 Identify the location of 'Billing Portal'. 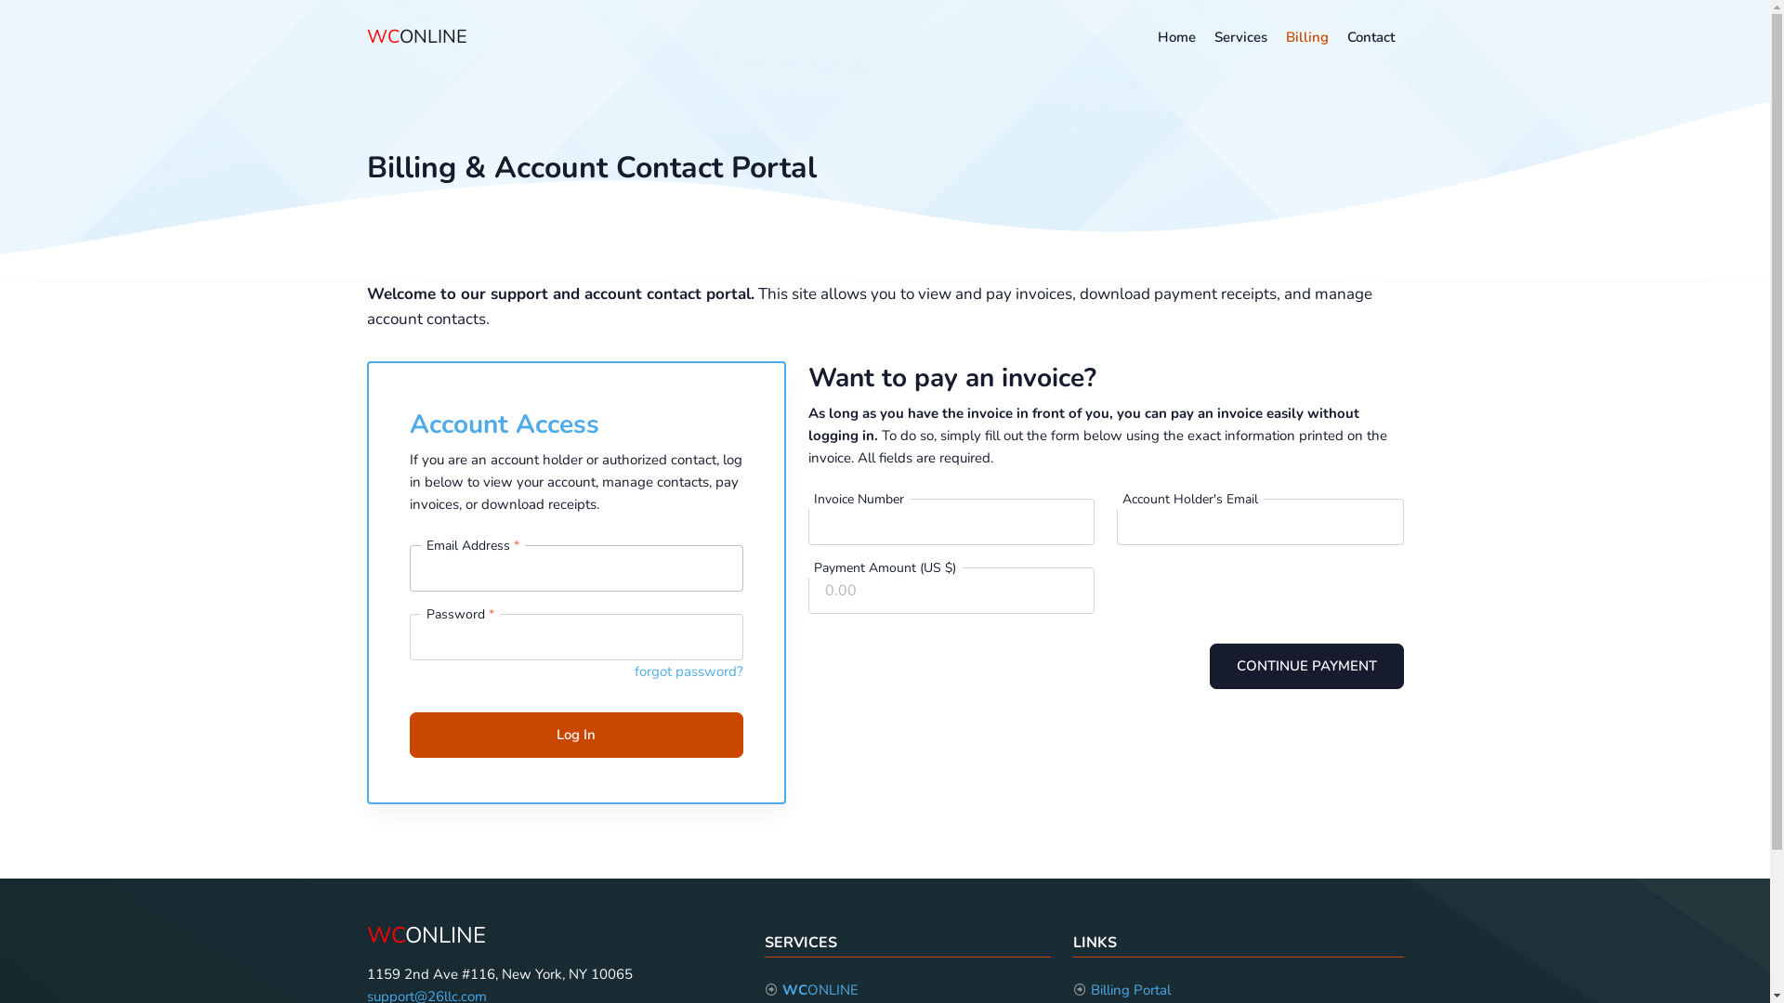
(1130, 988).